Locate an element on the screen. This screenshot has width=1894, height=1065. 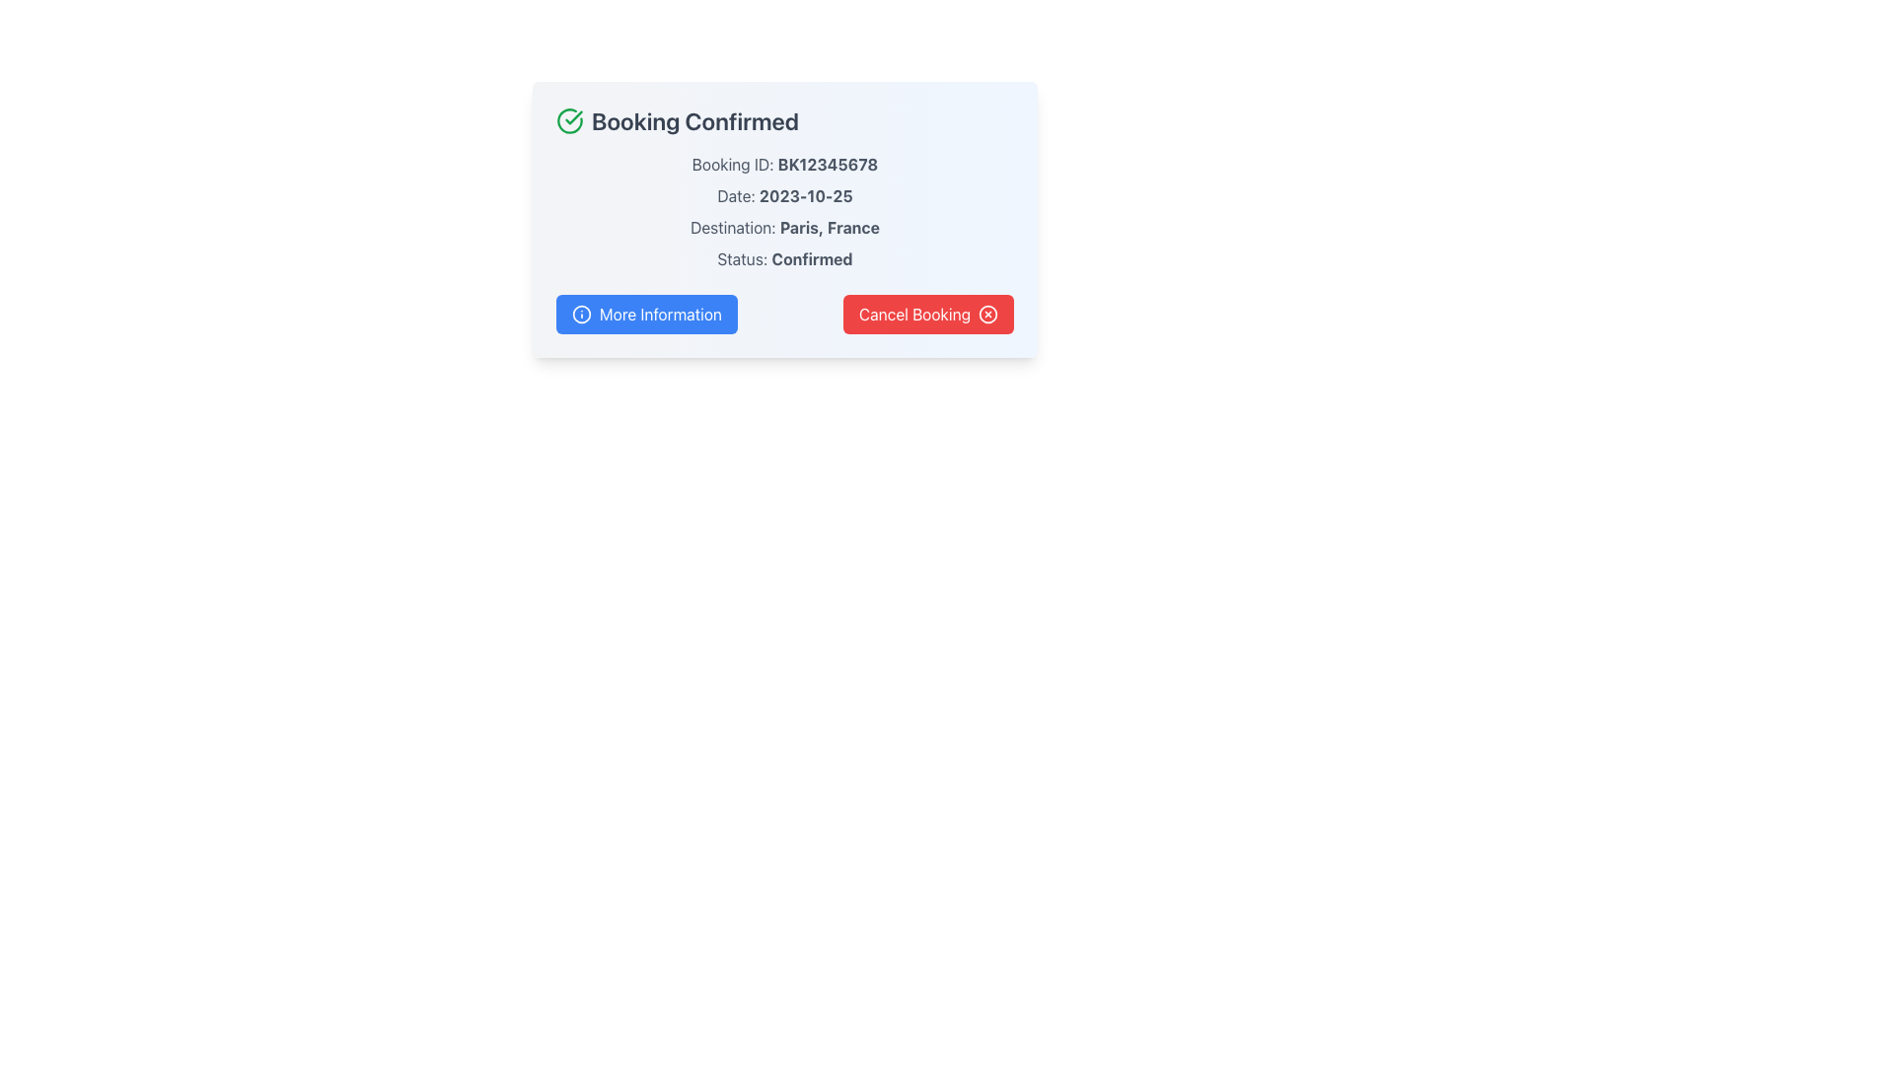
the 'More Information' button, which is visually enhanced by an icon positioned towards the left side of the button's text is located at coordinates (581, 314).